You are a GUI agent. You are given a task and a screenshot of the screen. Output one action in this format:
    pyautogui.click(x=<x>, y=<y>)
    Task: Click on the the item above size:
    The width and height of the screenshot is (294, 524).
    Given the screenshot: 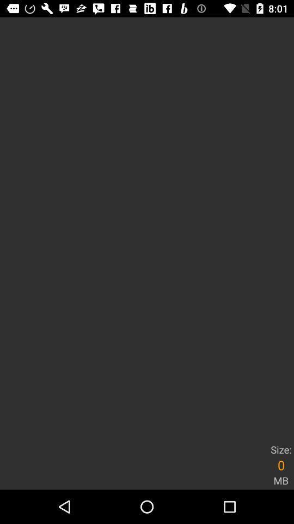 What is the action you would take?
    pyautogui.click(x=147, y=228)
    